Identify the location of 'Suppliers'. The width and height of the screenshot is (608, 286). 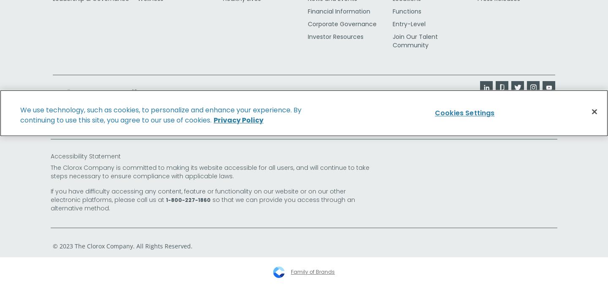
(52, 92).